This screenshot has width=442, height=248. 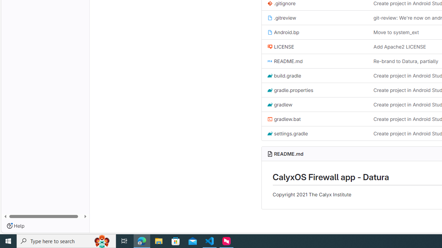 I want to click on 'Move to system_ext', so click(x=396, y=32).